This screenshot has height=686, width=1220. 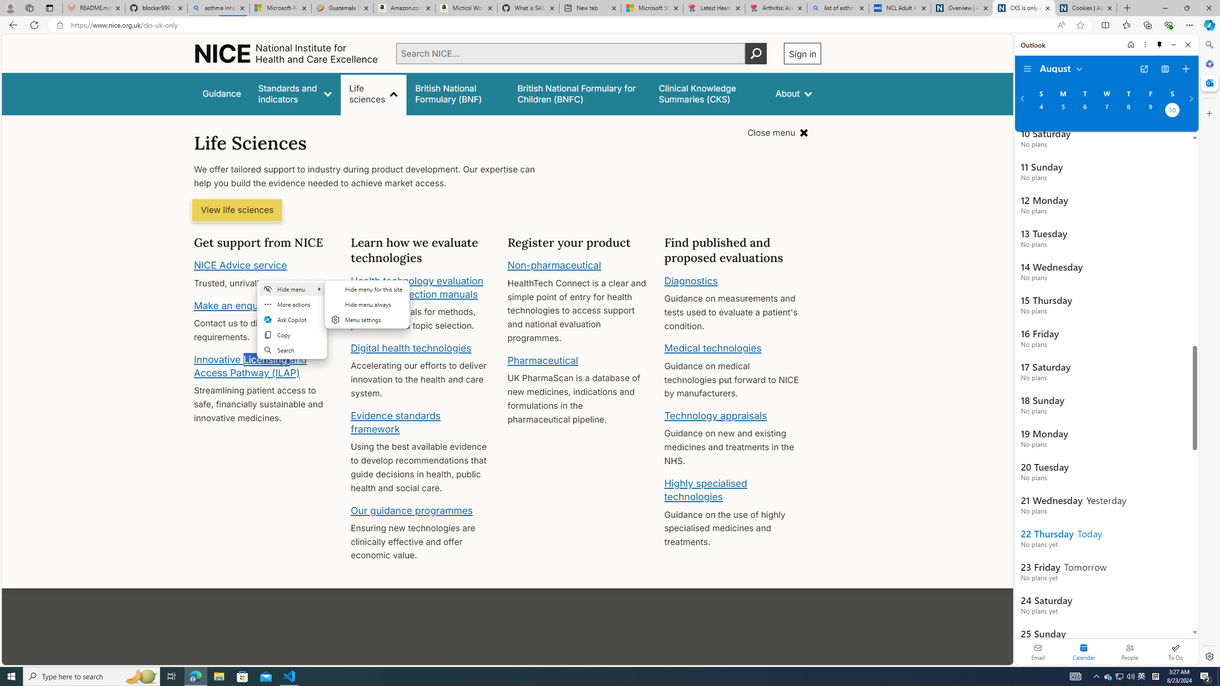 I want to click on 'Selected calendar module. Date today is 22', so click(x=1084, y=651).